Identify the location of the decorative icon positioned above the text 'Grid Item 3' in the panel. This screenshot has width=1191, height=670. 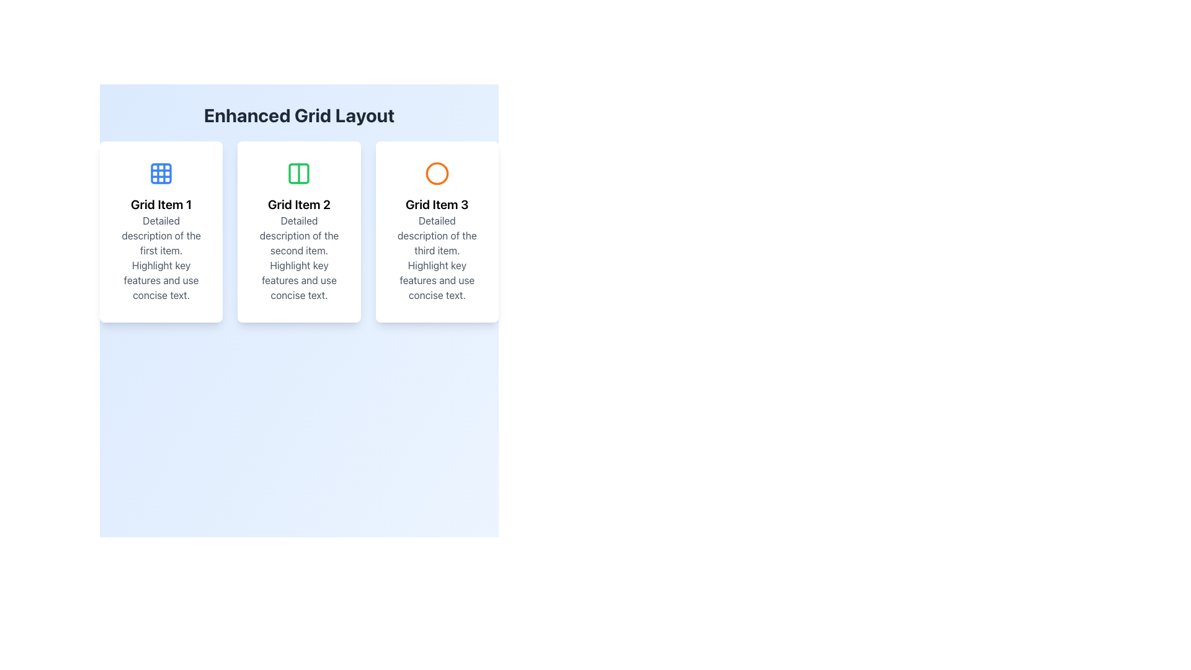
(437, 174).